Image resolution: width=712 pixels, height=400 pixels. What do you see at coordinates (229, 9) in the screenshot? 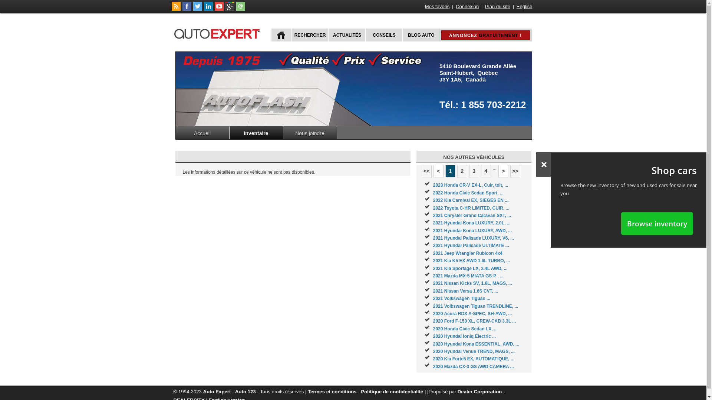
I see `'Suivez autoExpert.ca sur Google Plus'` at bounding box center [229, 9].